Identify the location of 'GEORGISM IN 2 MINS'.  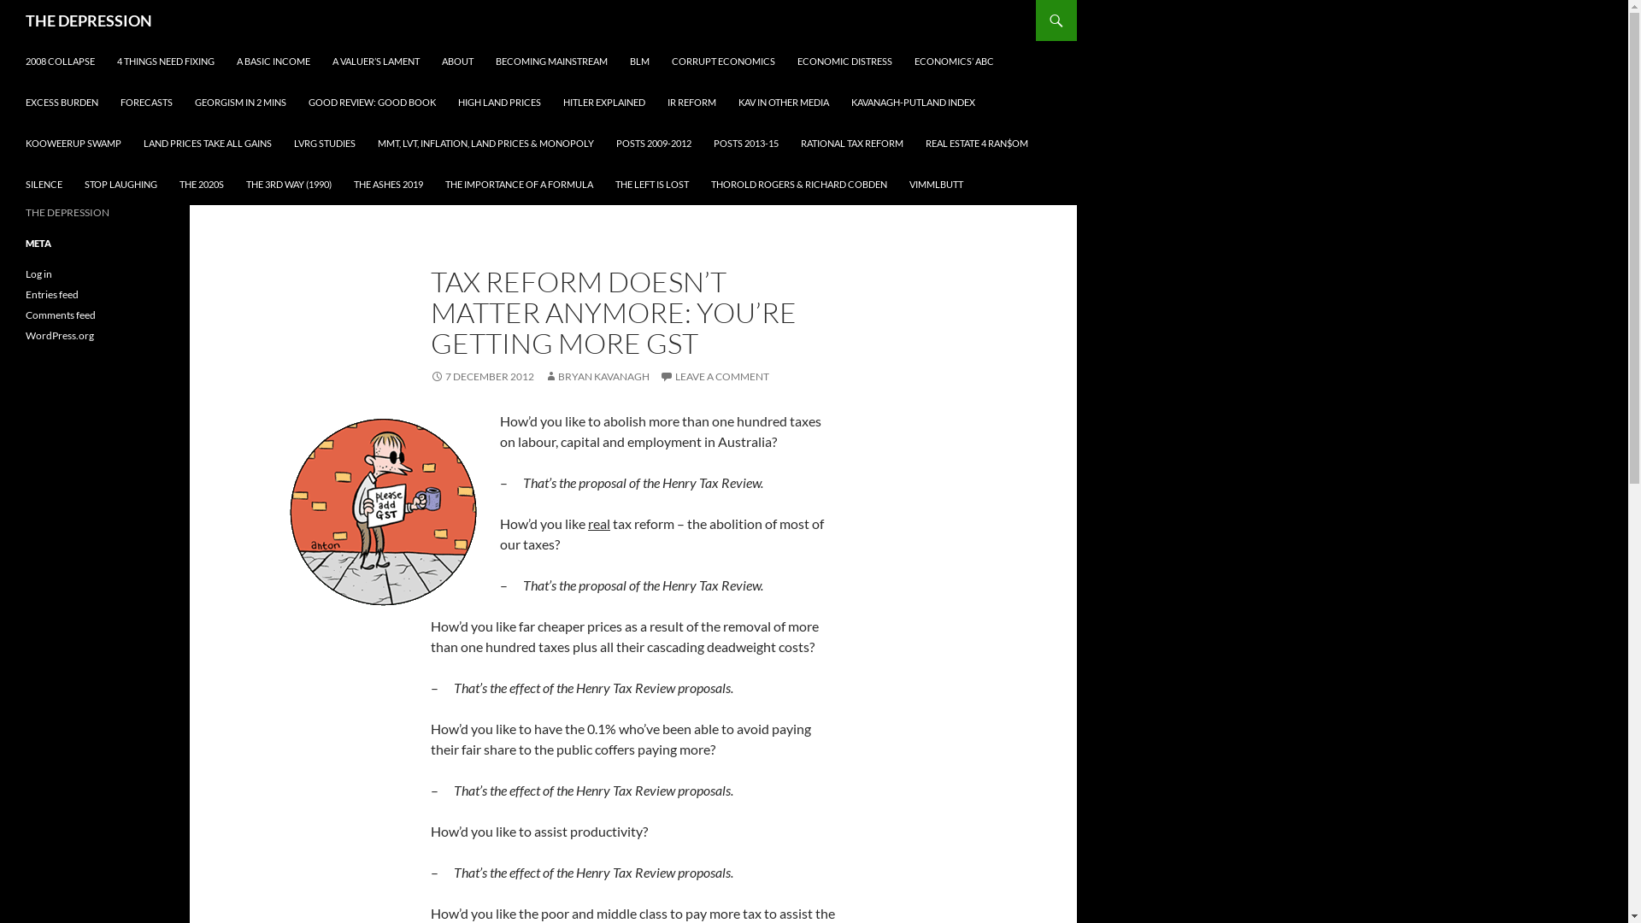
(239, 102).